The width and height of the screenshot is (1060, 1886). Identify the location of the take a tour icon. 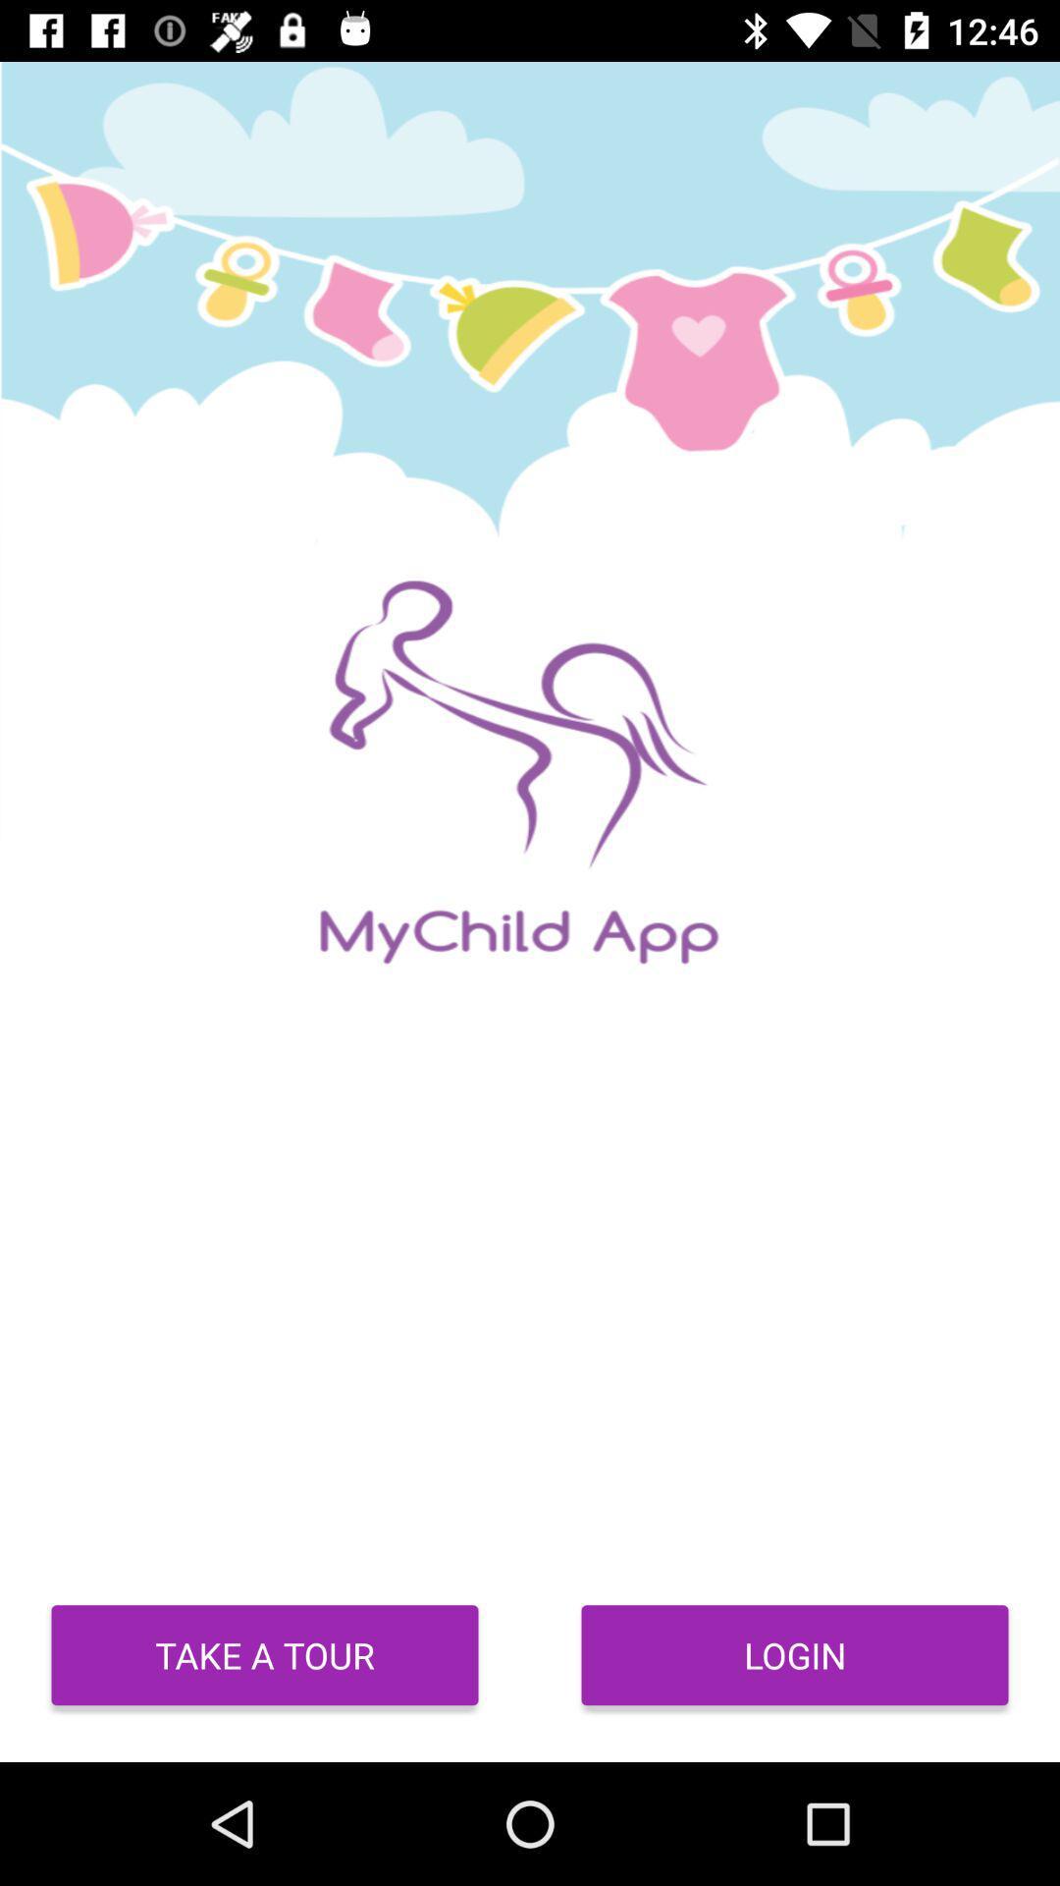
(265, 1654).